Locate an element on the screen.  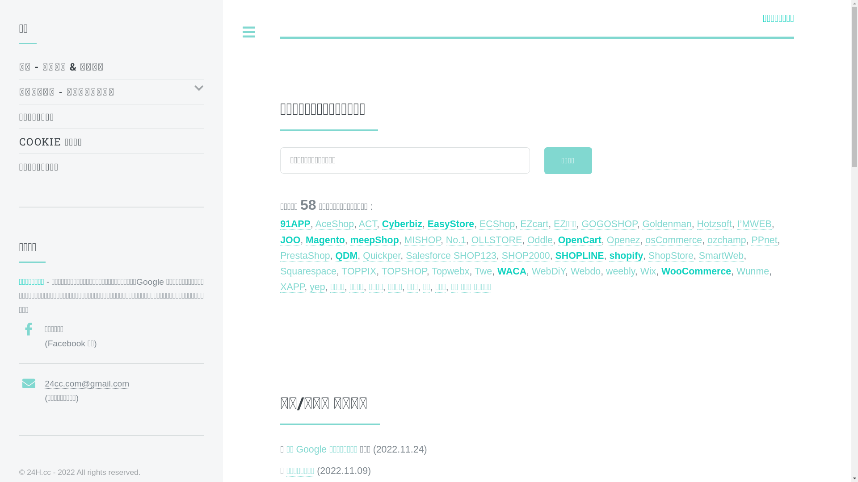
'Quickper' is located at coordinates (382, 256).